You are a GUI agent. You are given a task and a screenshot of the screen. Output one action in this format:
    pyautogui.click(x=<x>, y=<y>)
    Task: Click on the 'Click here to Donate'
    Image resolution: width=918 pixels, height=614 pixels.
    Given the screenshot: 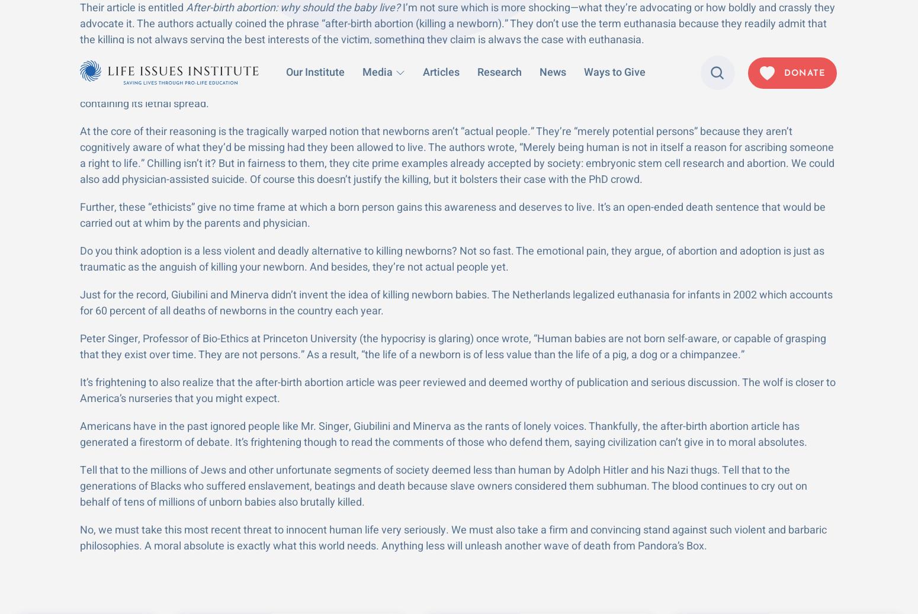 What is the action you would take?
    pyautogui.click(x=762, y=308)
    